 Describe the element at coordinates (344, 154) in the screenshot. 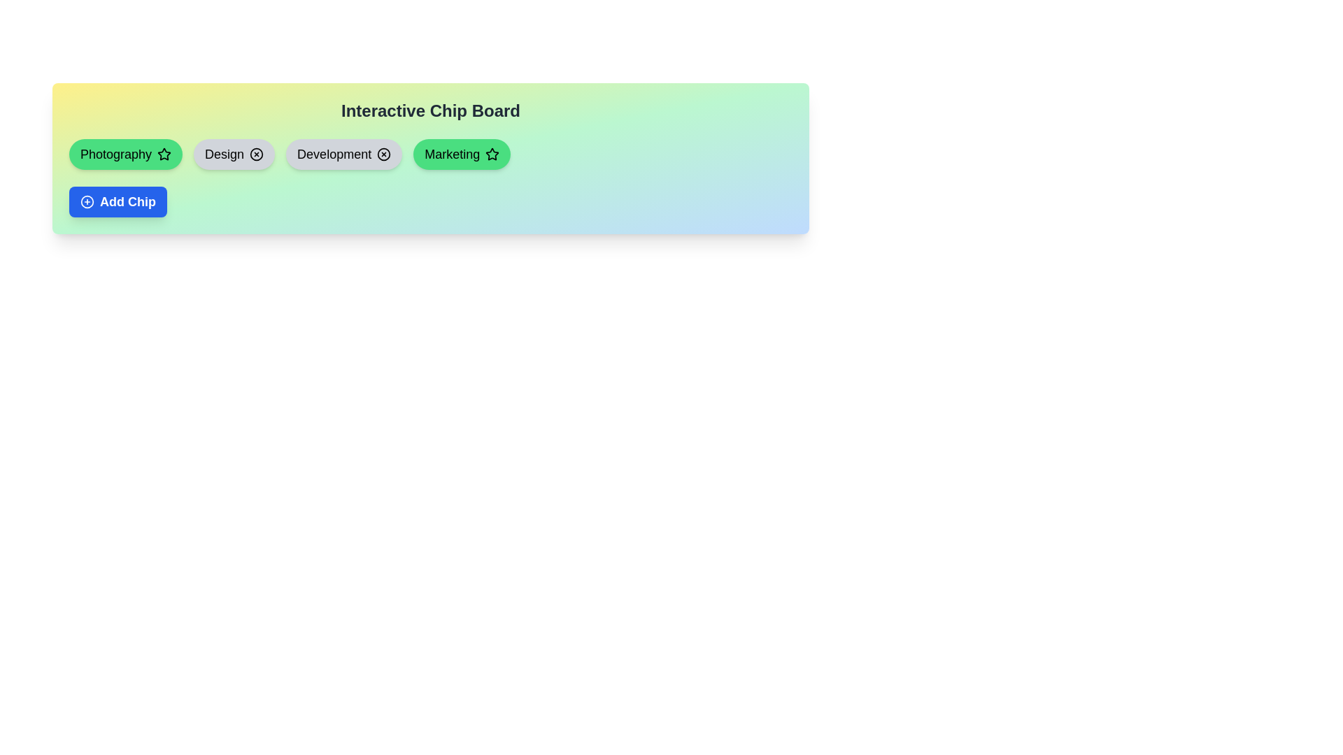

I see `the 'Development' chip component, which is a pill-shaped button with bold black text on a gray background` at that location.